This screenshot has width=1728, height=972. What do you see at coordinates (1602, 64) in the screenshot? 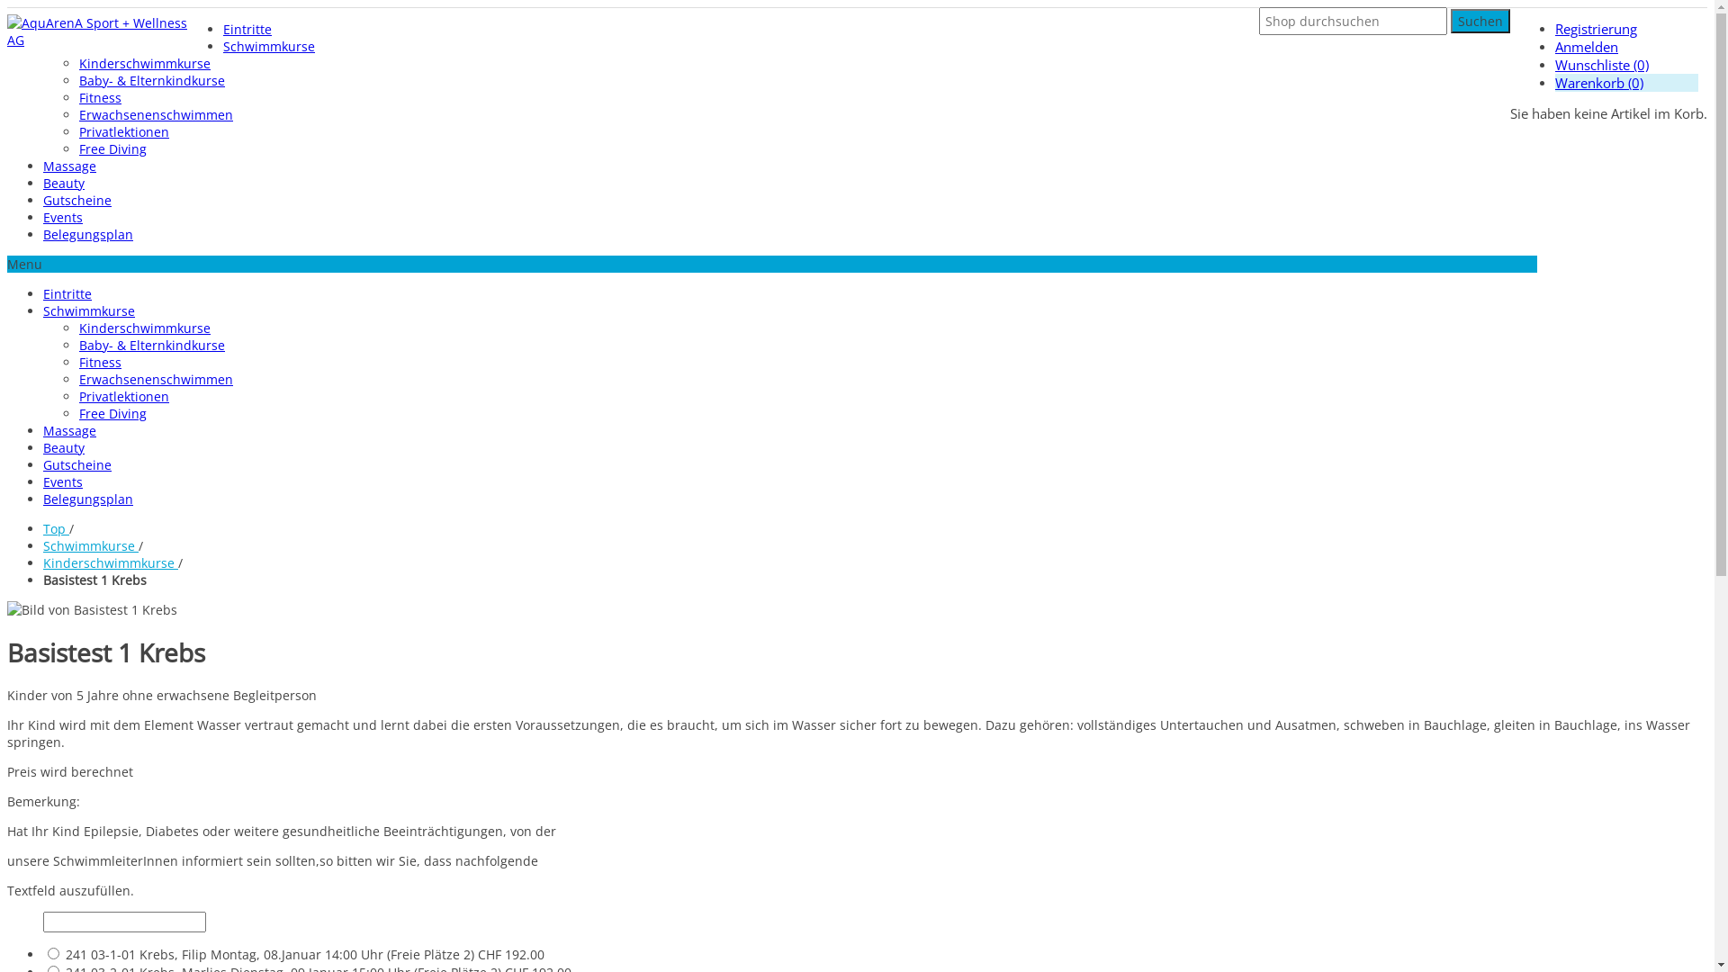
I see `'Wunschliste (0)'` at bounding box center [1602, 64].